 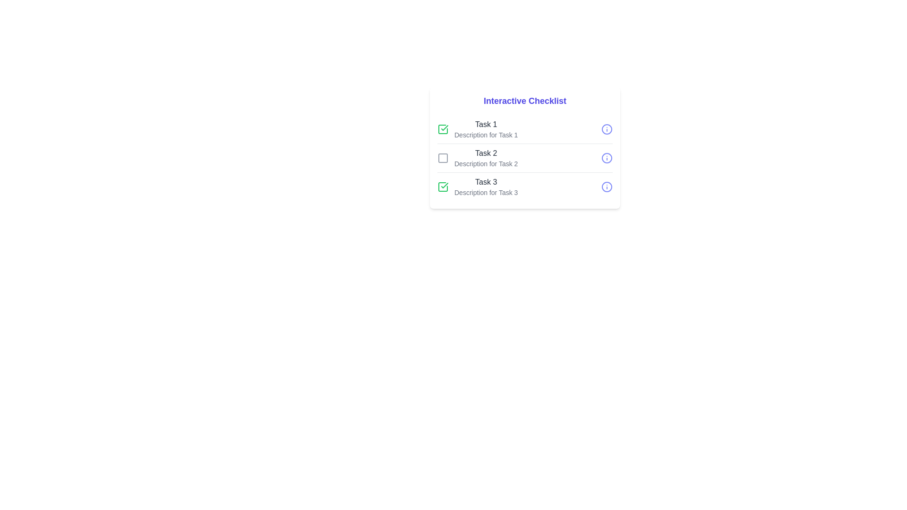 I want to click on the checkbox button for Task 2 to toggle its state, so click(x=442, y=158).